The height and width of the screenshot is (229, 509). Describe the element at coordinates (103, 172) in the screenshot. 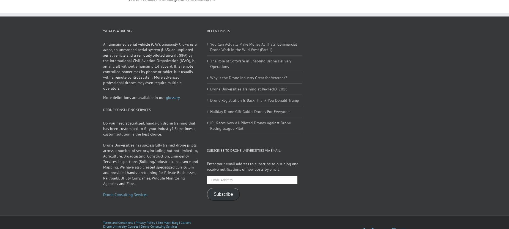

I see `'Drone Universities has successfully trained drone pilots across a number of sectors, including but not limited to, Agriculture, Broadcasting, Construction, Emergency Services, Inspections (Building/Industrial), Insurance and Mapping. We have also created specialized curriculum and provided hands-on training for Private Businesses, Railroads, Utility Companies, Wildlife Monitoring Agencies and Zoos.'` at that location.